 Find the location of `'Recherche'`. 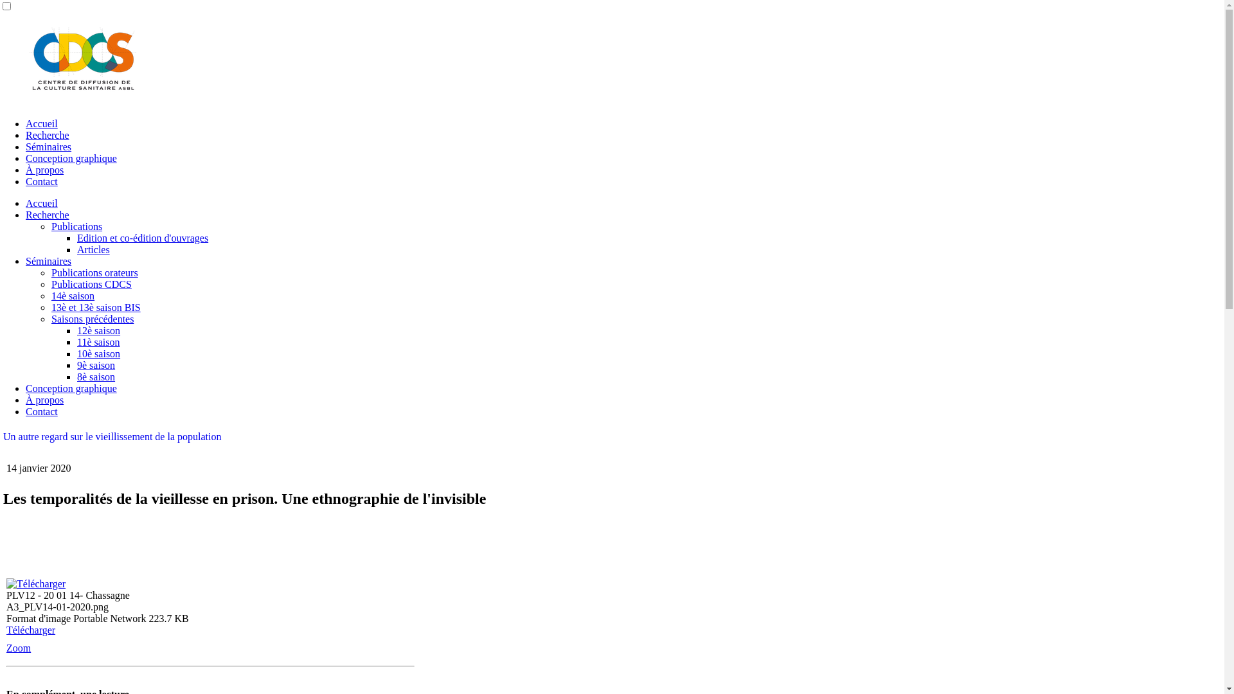

'Recherche' is located at coordinates (47, 214).